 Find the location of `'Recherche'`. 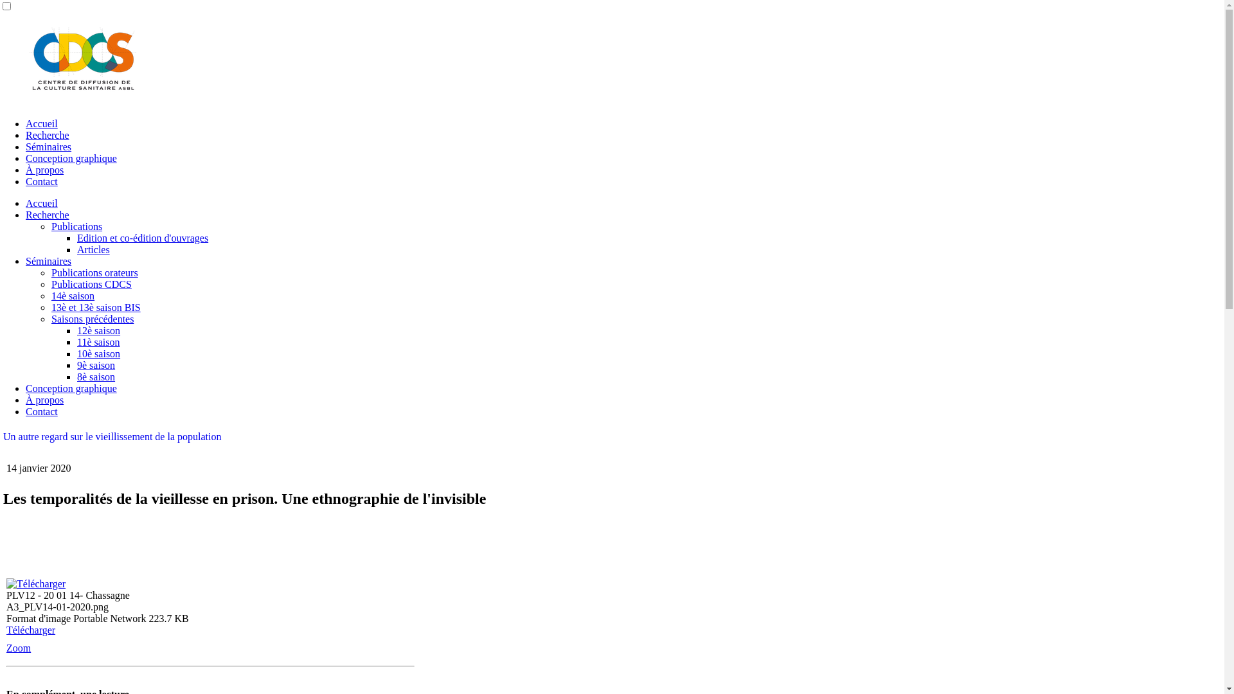

'Recherche' is located at coordinates (47, 214).